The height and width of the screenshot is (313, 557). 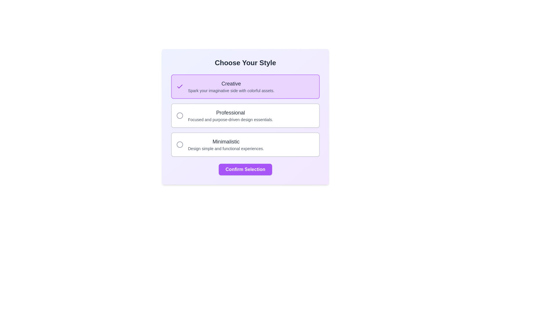 What do you see at coordinates (230, 115) in the screenshot?
I see `the 'Professional' Text Label in the second card of the 'Choose Your Style' vertical list, which provides information about the Professional choice of design style` at bounding box center [230, 115].